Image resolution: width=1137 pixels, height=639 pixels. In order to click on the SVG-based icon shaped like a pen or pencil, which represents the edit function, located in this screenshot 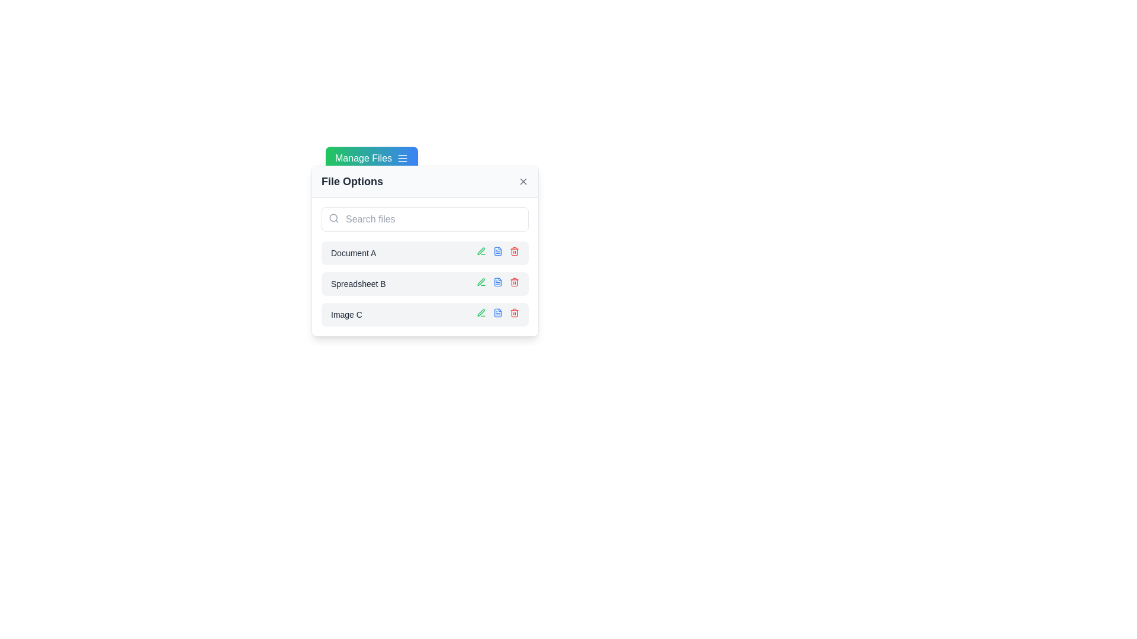, I will do `click(481, 250)`.